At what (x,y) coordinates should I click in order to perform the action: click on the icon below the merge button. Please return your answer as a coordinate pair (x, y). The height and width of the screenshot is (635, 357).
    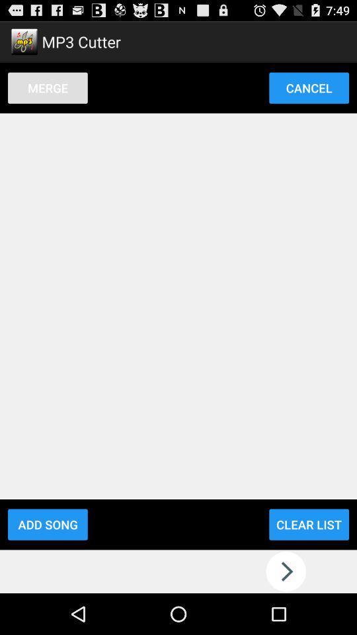
    Looking at the image, I should click on (47, 525).